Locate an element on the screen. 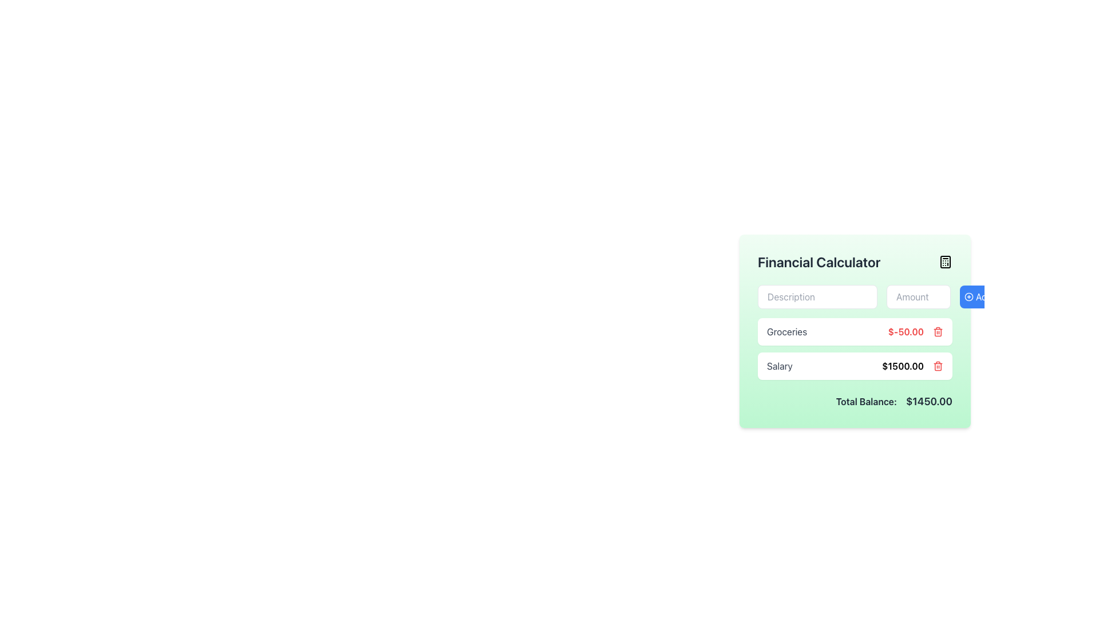  the Text Label displaying the monetary amount for the 'Salary' entry in the financial calculator form, located under the 'Financial Calculator' header is located at coordinates (902, 366).